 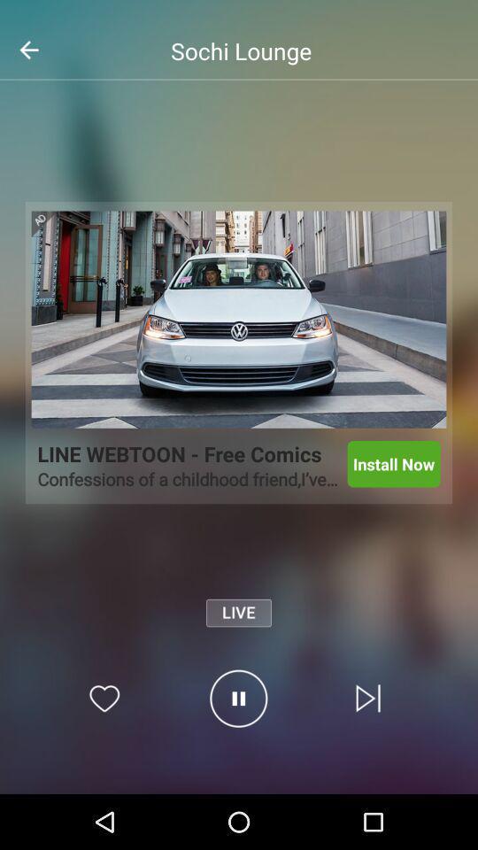 I want to click on the pause icon, so click(x=238, y=699).